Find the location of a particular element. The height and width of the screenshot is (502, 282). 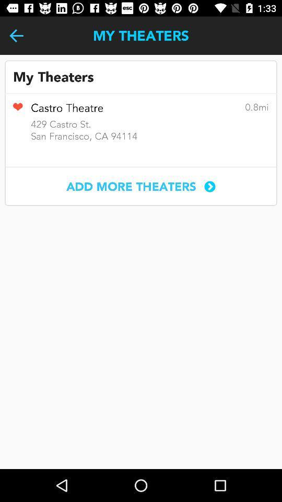

remove from favorites is located at coordinates (17, 110).